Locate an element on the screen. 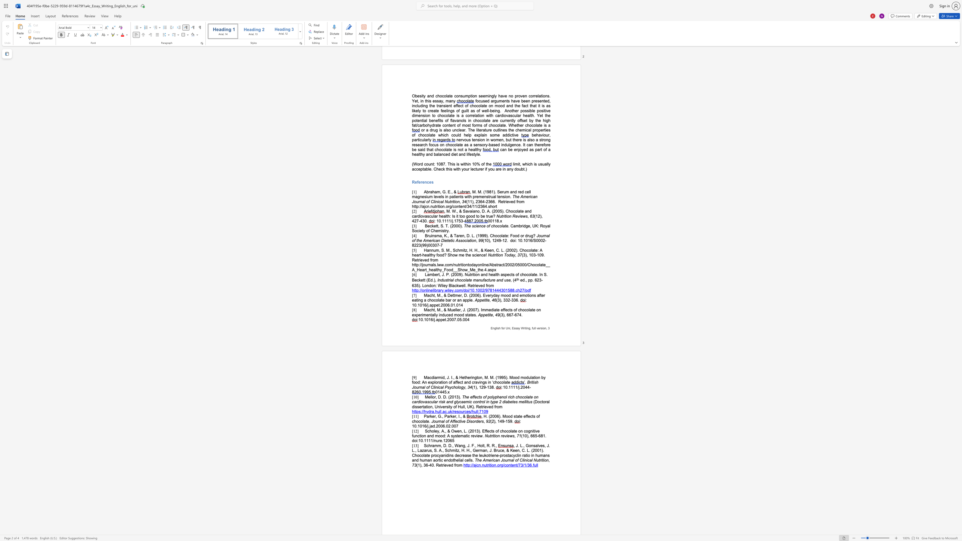  the subset text "com/doi/10.1002/" within the text "http://onlinelibrary.wiley.com/doi/10.1002/9781444301588.ch27/pdf" is located at coordinates (455, 290).